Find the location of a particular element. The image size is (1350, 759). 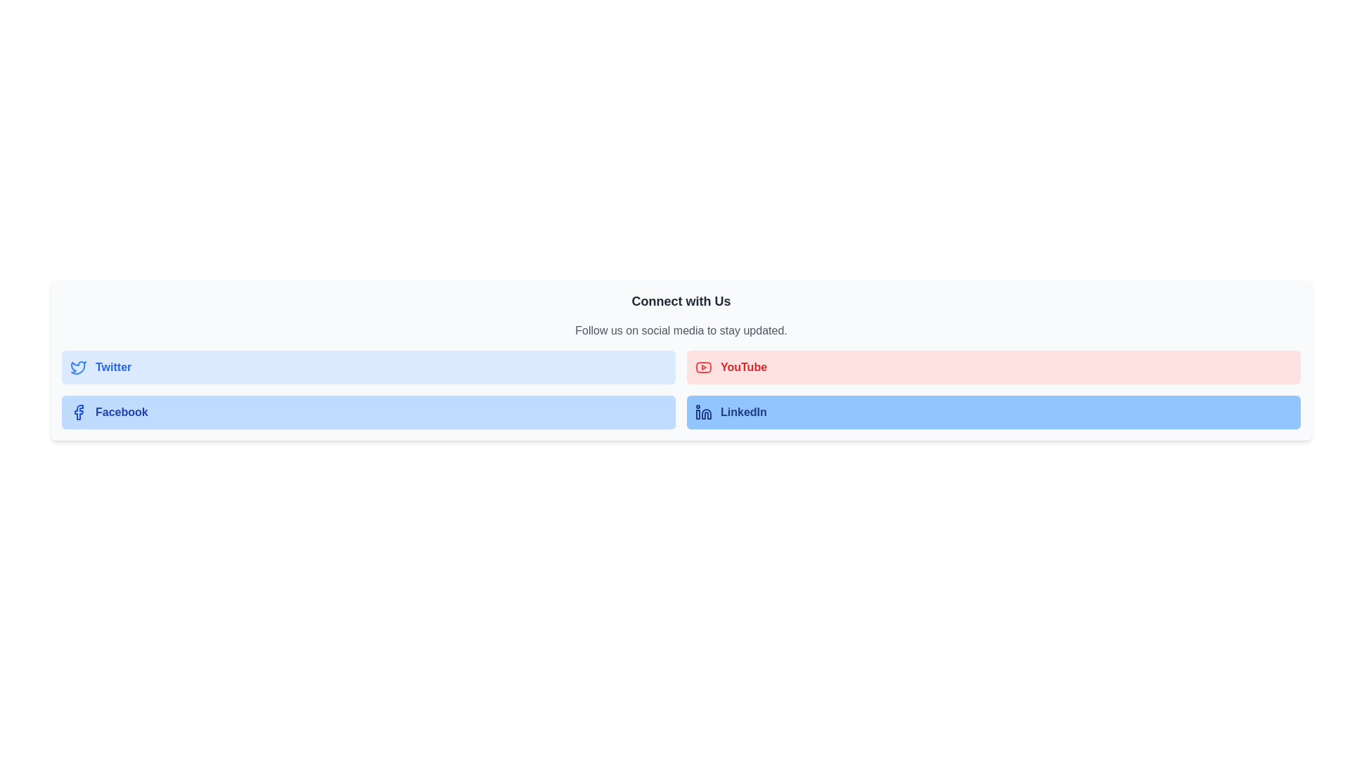

the decorative YouTube logo icon is located at coordinates (704, 367).